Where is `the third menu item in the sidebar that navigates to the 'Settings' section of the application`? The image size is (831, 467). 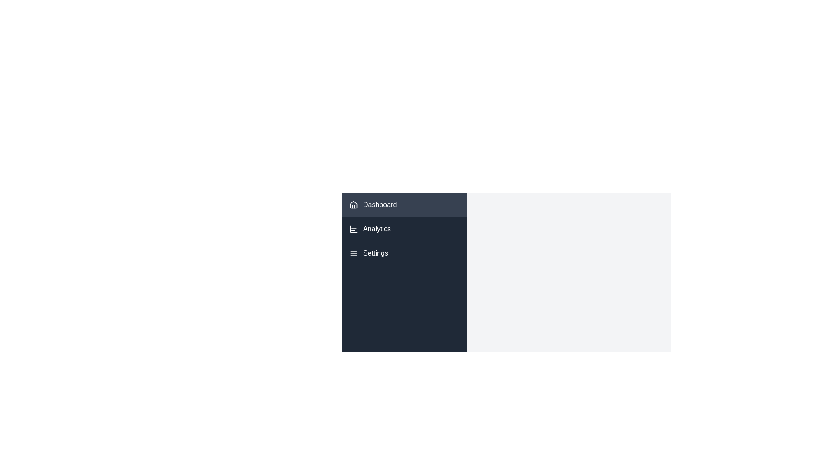
the third menu item in the sidebar that navigates to the 'Settings' section of the application is located at coordinates (404, 253).